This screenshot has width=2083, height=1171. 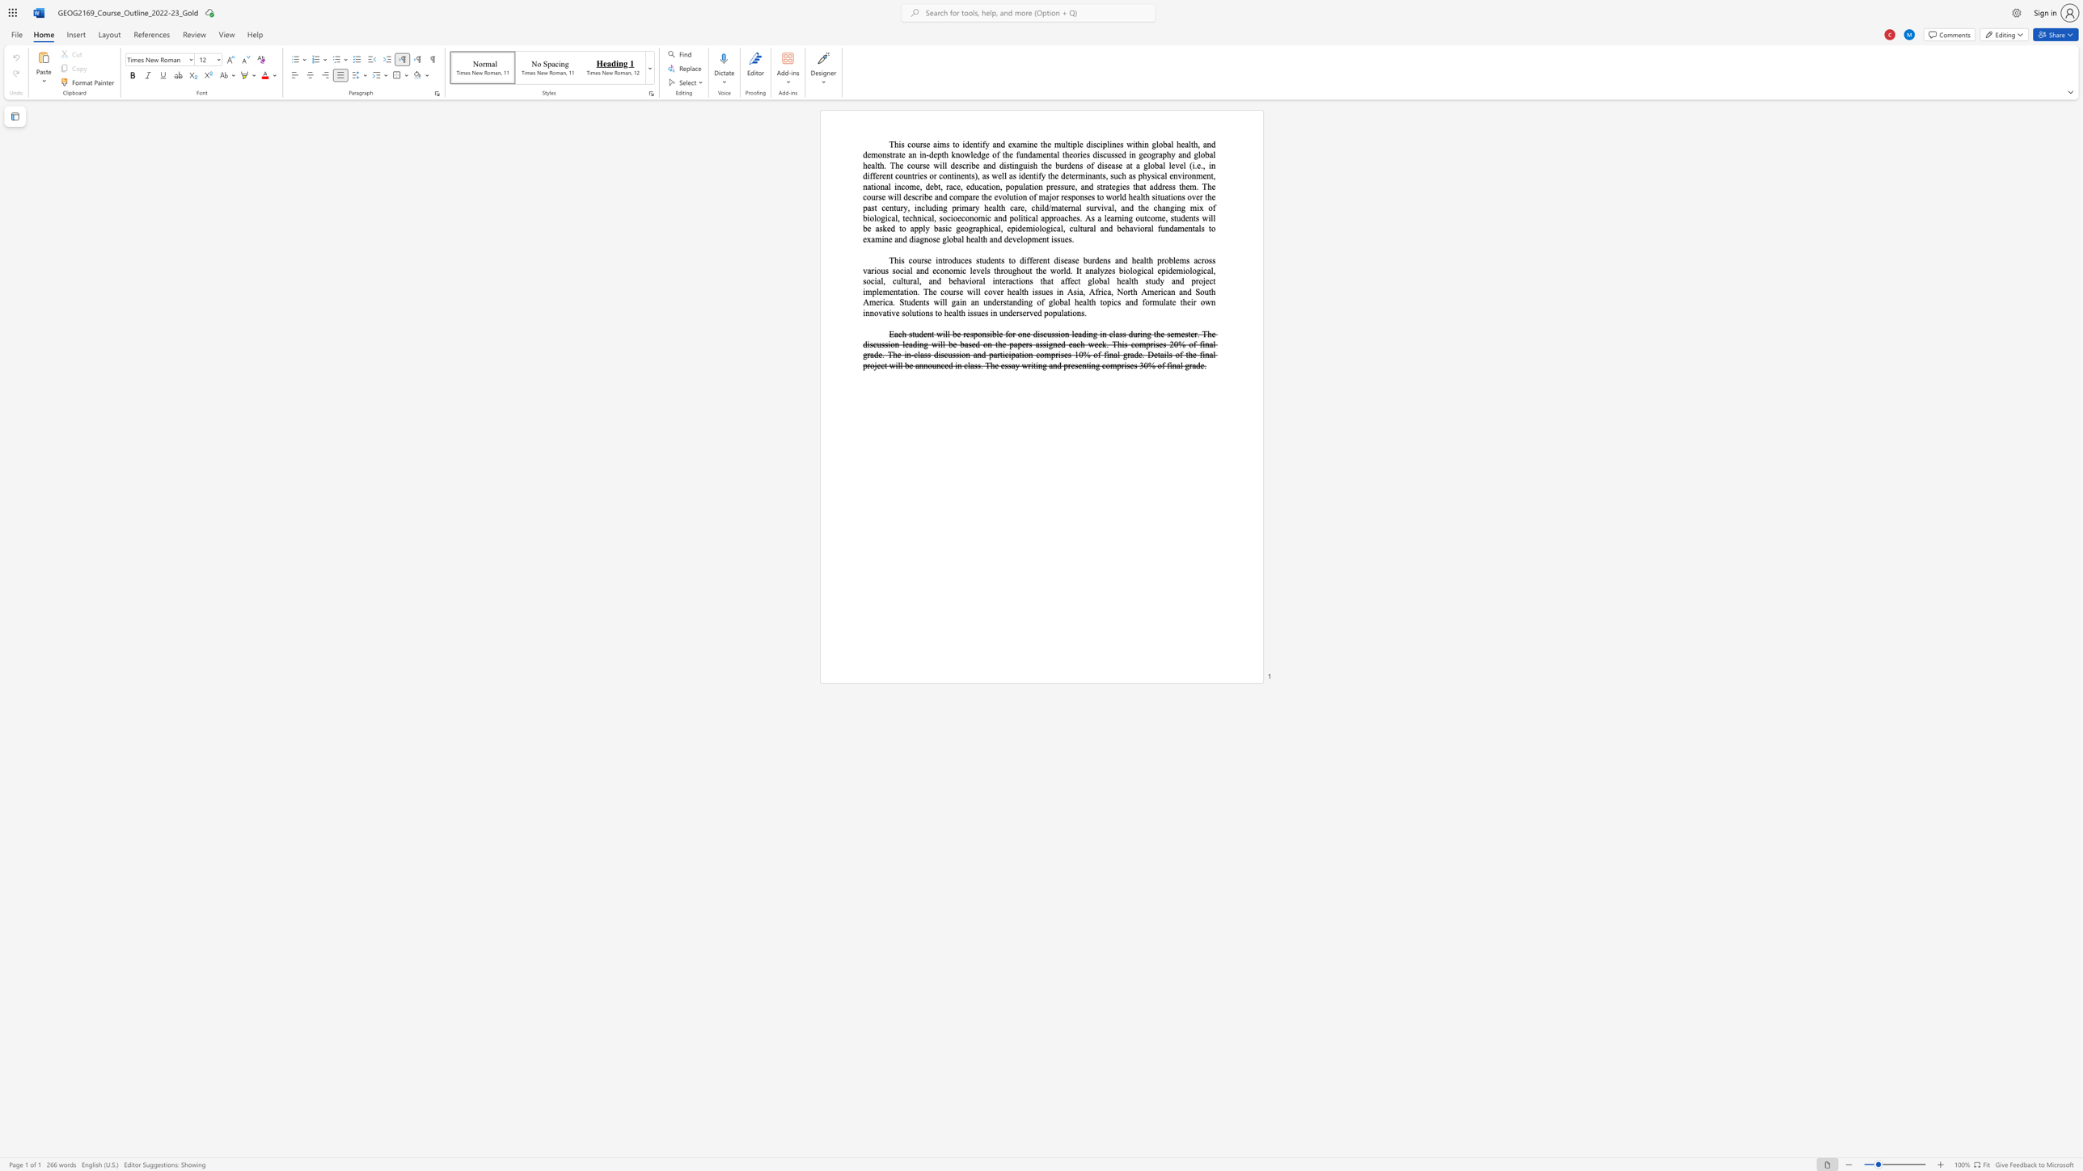 What do you see at coordinates (1197, 292) in the screenshot?
I see `the 1th character "S" in the text` at bounding box center [1197, 292].